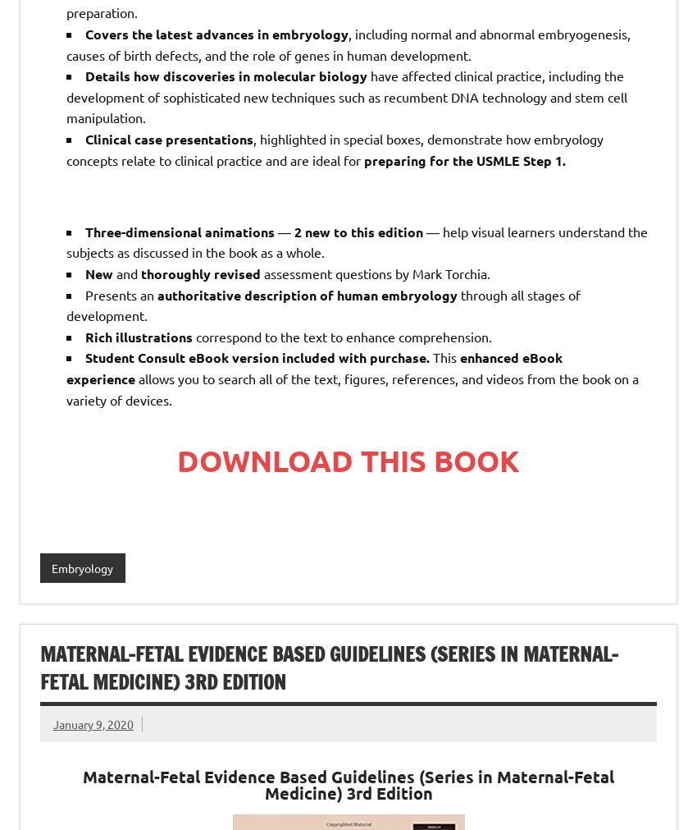 This screenshot has height=830, width=697. Describe the element at coordinates (225, 75) in the screenshot. I see `'Details how discoveries in molecular biology'` at that location.